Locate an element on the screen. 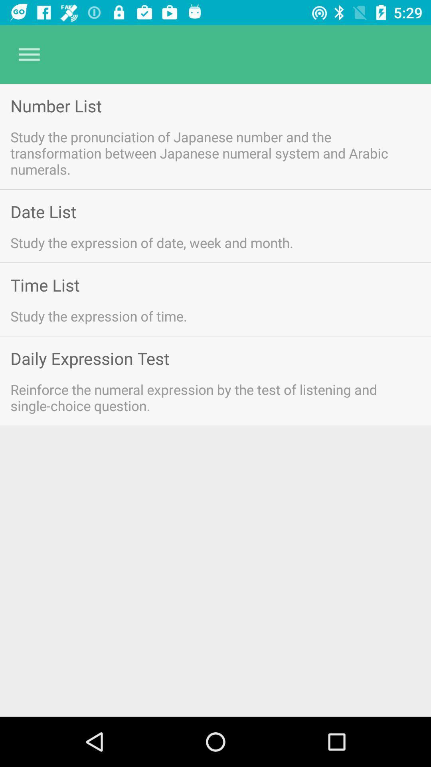 The image size is (431, 767). reinforce the numeral is located at coordinates (204, 397).